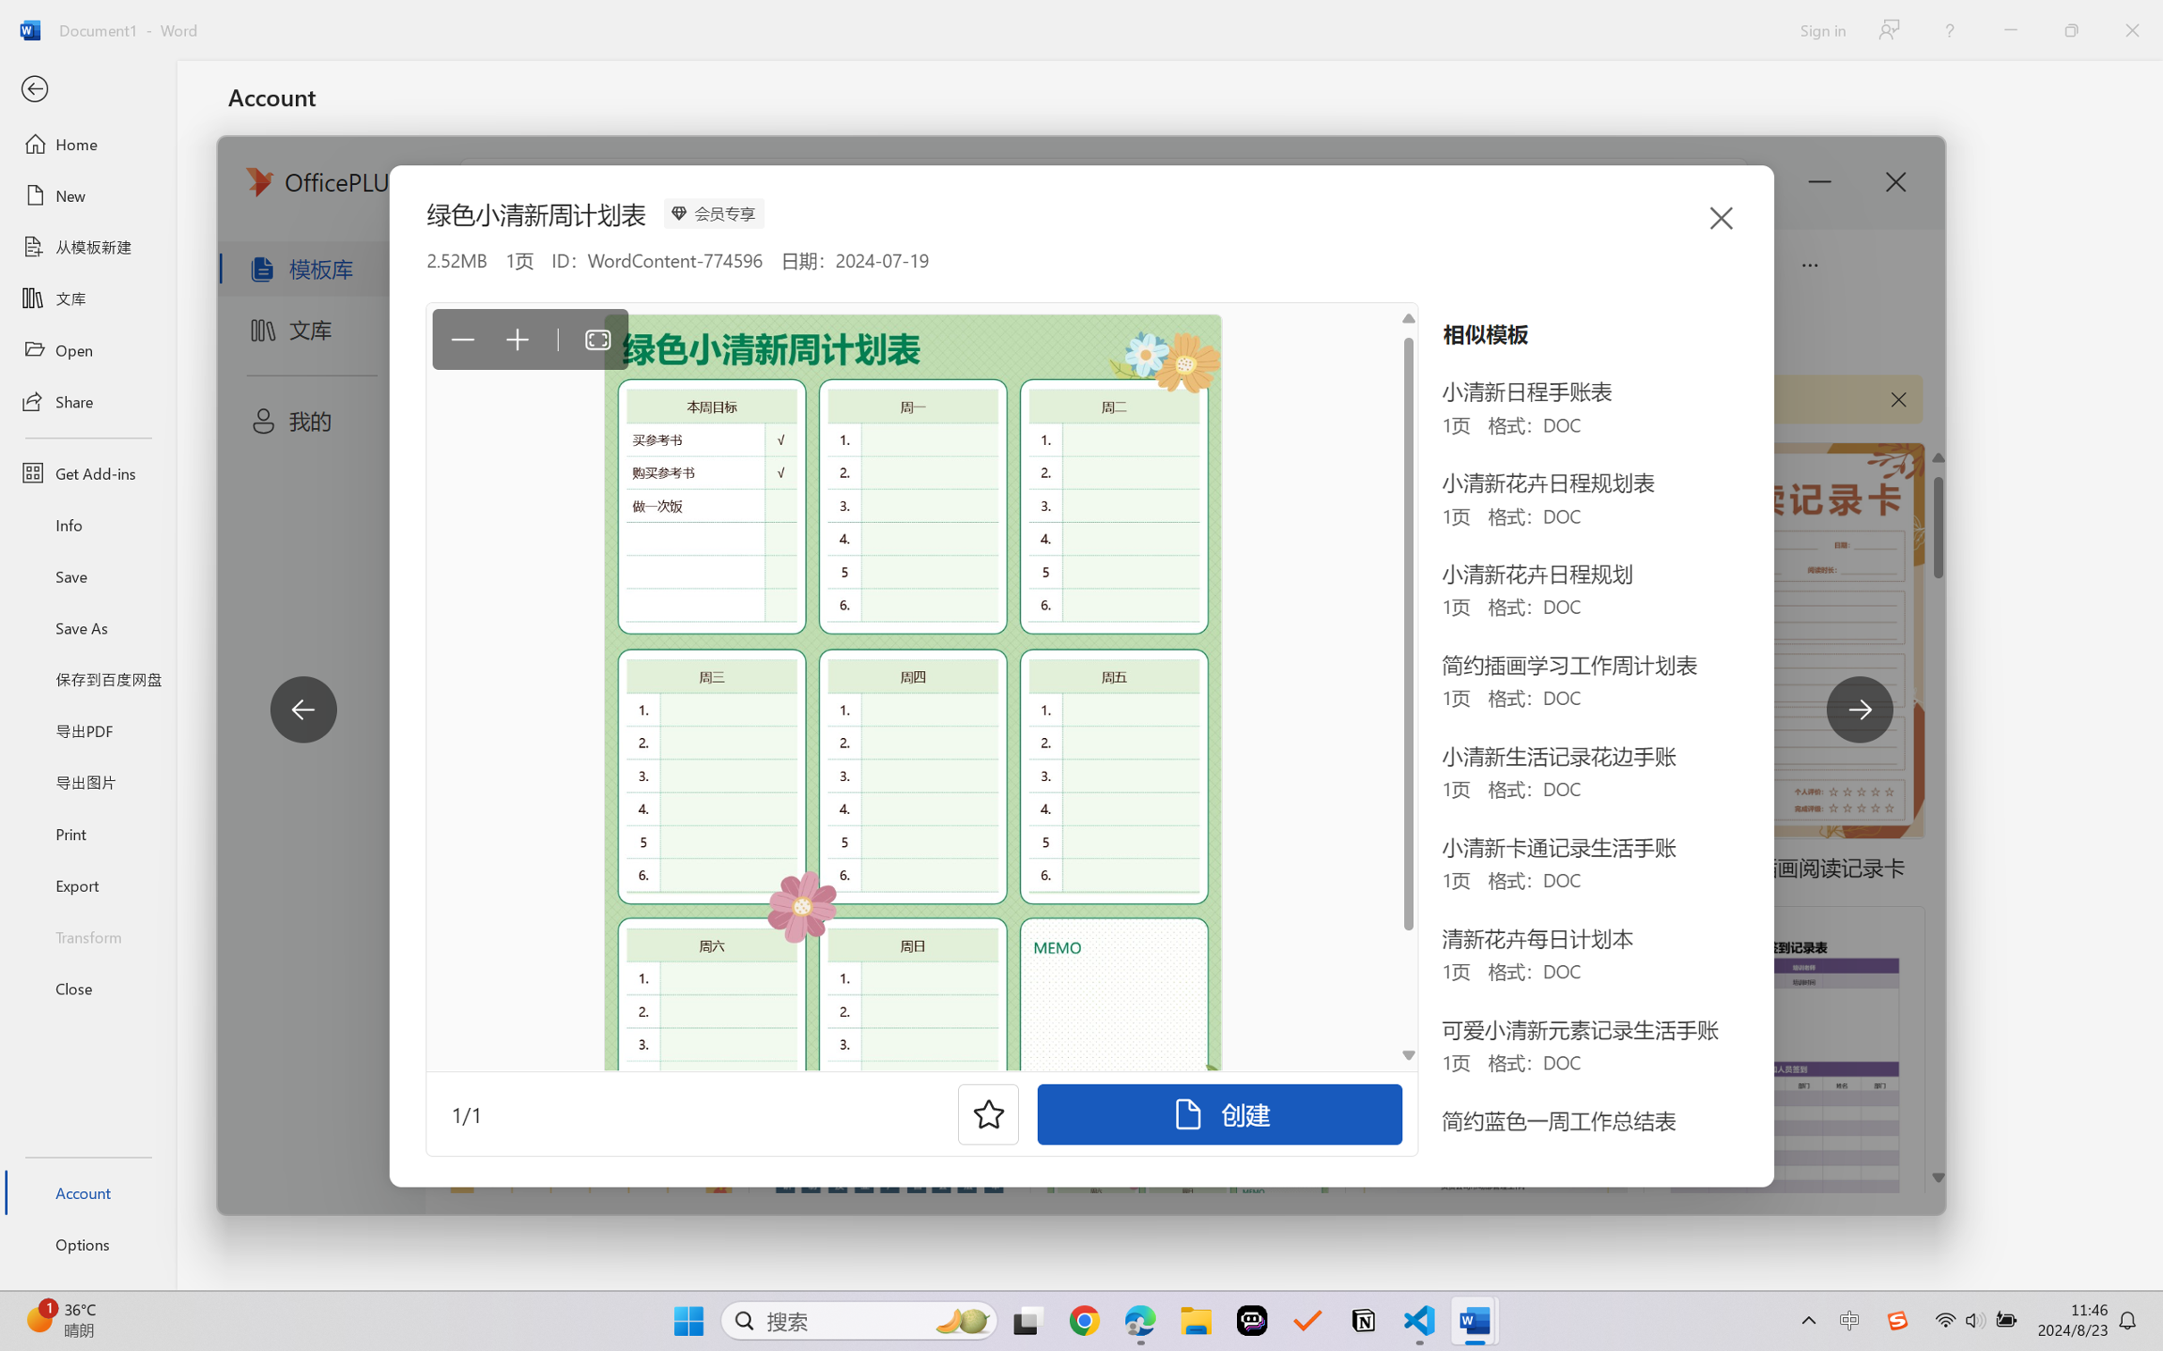 This screenshot has width=2163, height=1351. I want to click on 'Options', so click(87, 1243).